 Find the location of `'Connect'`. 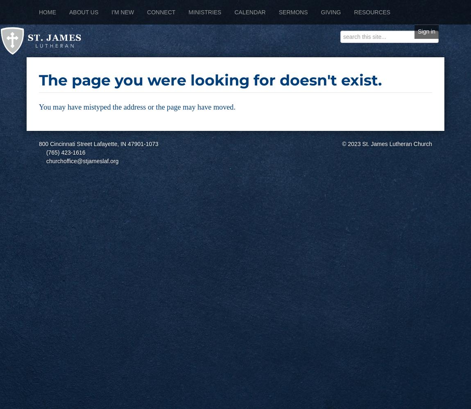

'Connect' is located at coordinates (161, 12).